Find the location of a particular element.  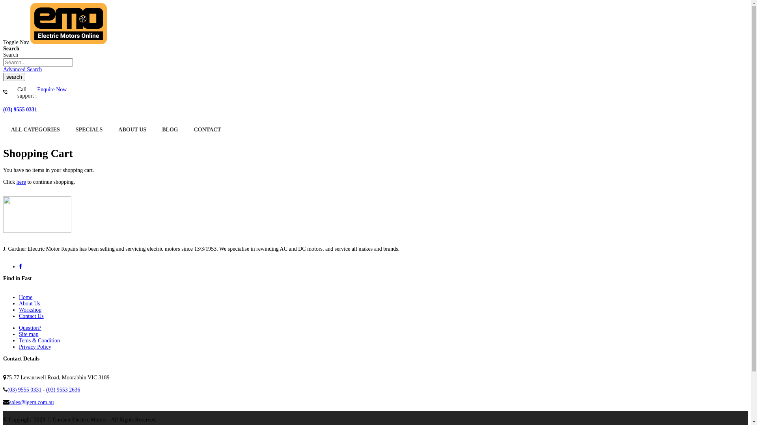

'Site map' is located at coordinates (28, 334).